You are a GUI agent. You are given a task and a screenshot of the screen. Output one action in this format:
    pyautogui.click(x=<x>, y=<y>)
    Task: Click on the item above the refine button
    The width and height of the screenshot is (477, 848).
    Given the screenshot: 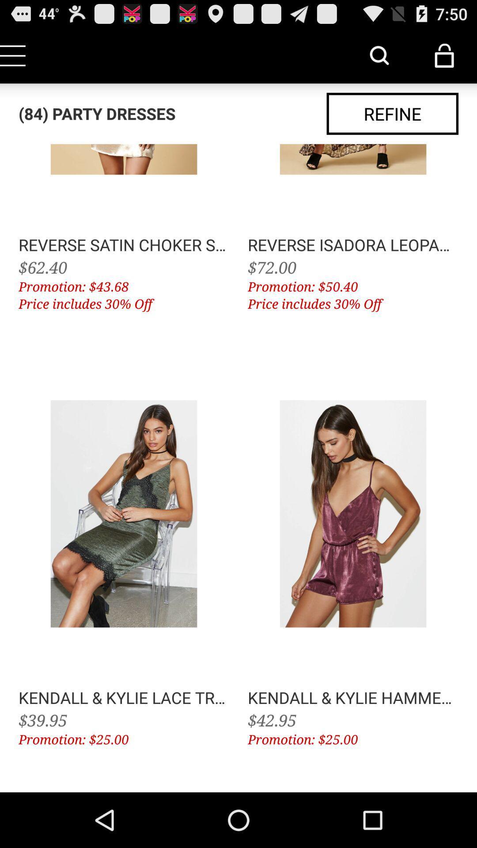 What is the action you would take?
    pyautogui.click(x=444, y=55)
    